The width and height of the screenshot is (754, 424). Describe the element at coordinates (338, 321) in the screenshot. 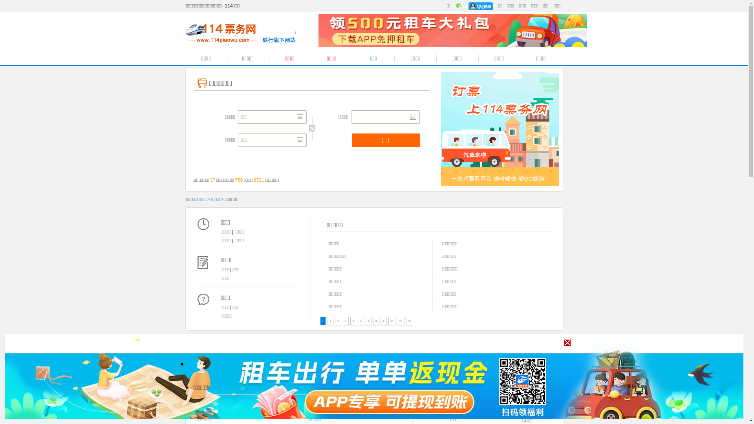

I see `'3'` at that location.